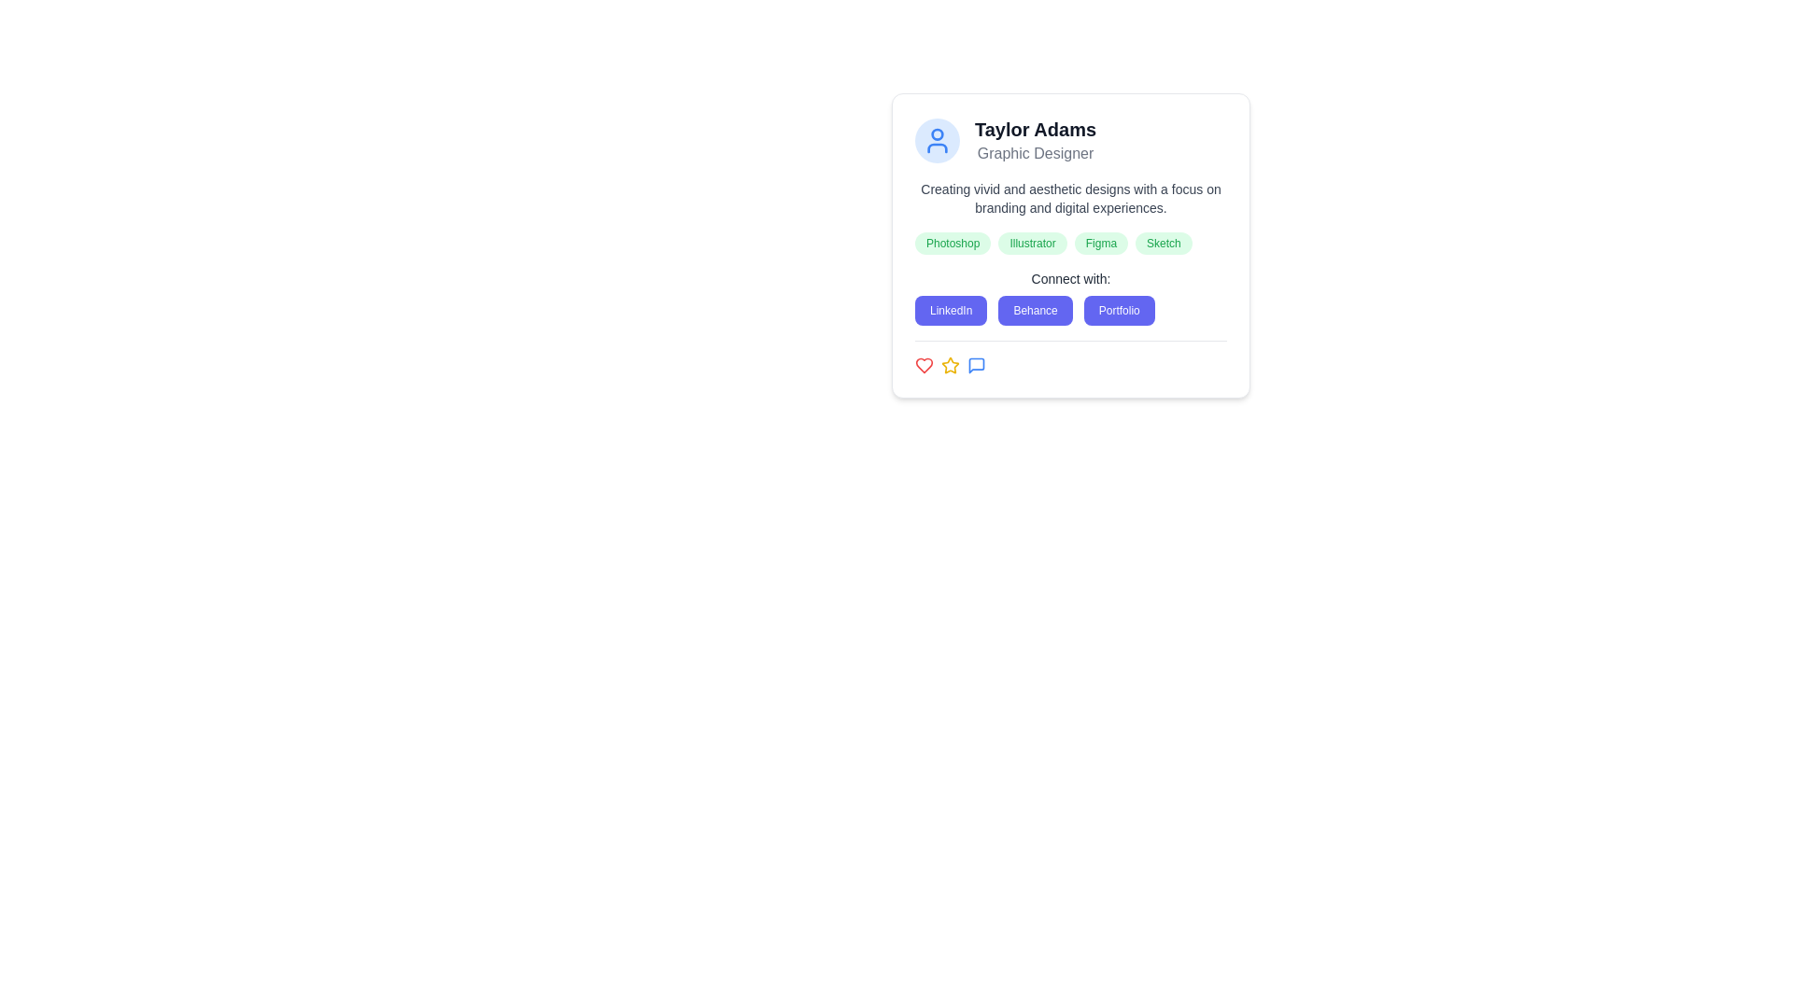 The image size is (1793, 1008). Describe the element at coordinates (951, 309) in the screenshot. I see `the LinkedIn button, which is the first button in a row of three buttons, to observe the hover effect` at that location.